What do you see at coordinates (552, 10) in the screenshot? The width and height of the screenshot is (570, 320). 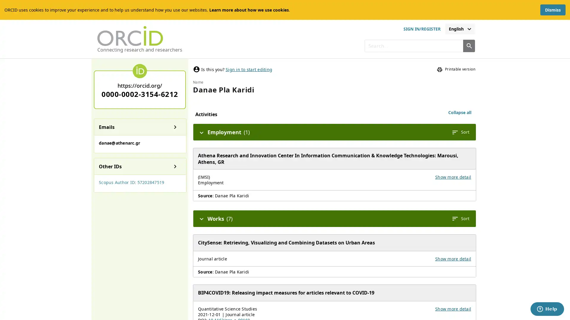 I see `Dismiss` at bounding box center [552, 10].